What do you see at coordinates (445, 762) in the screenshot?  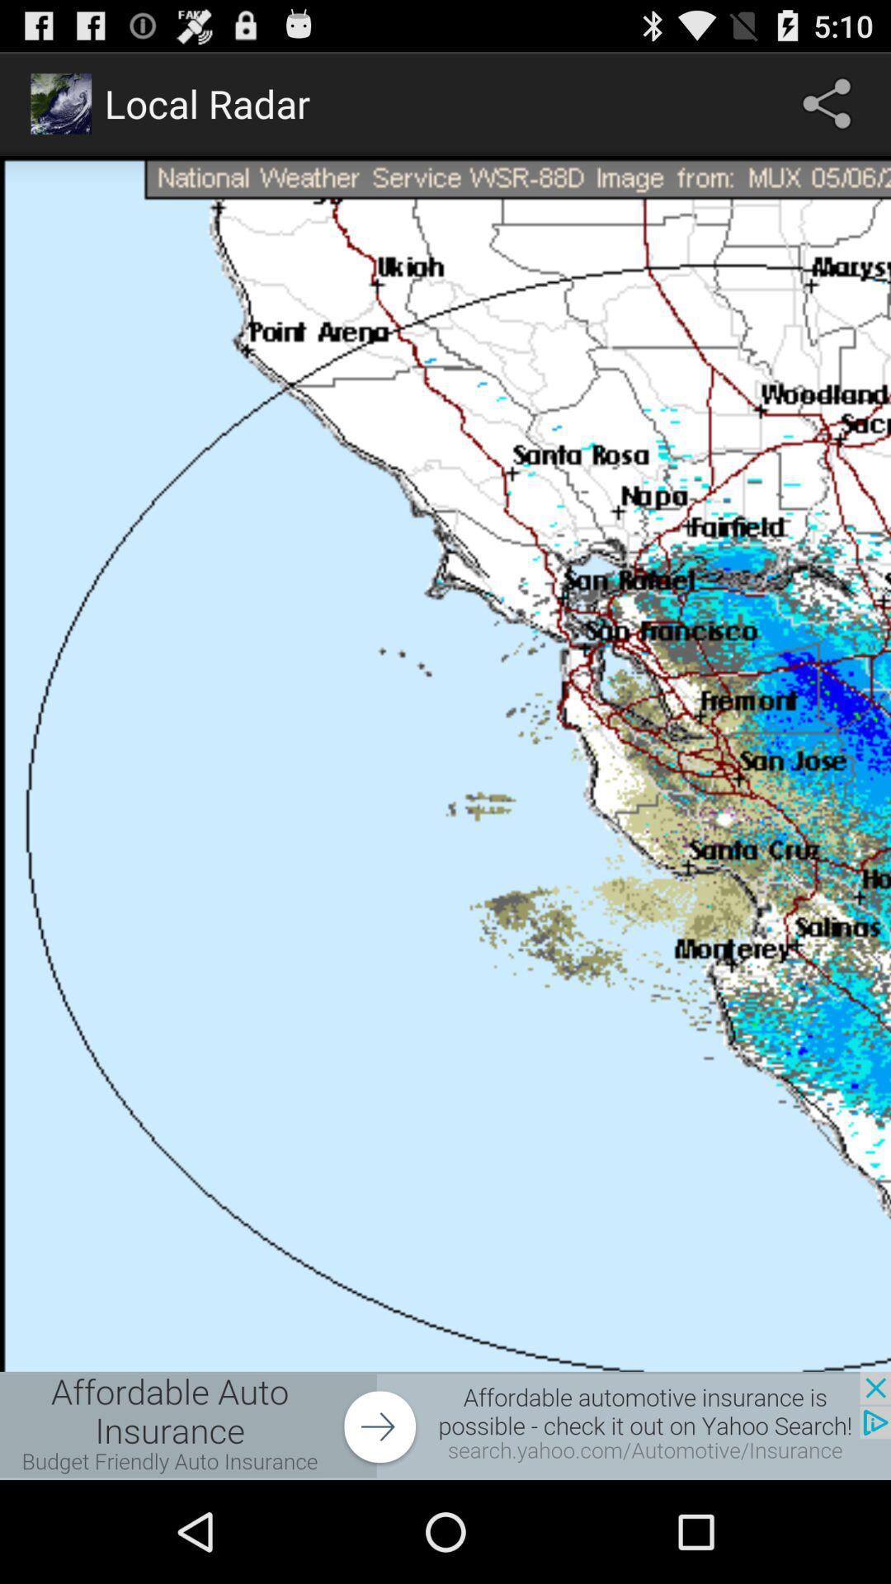 I see `total web page` at bounding box center [445, 762].